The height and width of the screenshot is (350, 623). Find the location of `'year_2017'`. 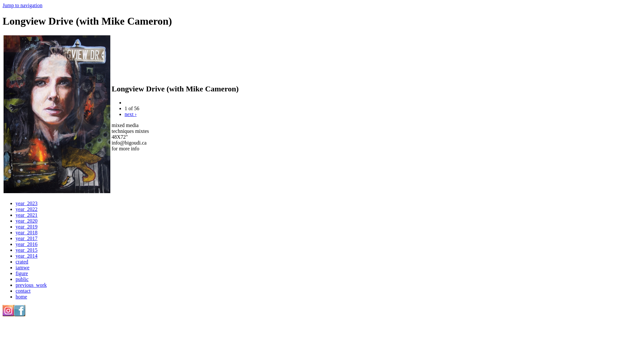

'year_2017' is located at coordinates (26, 238).